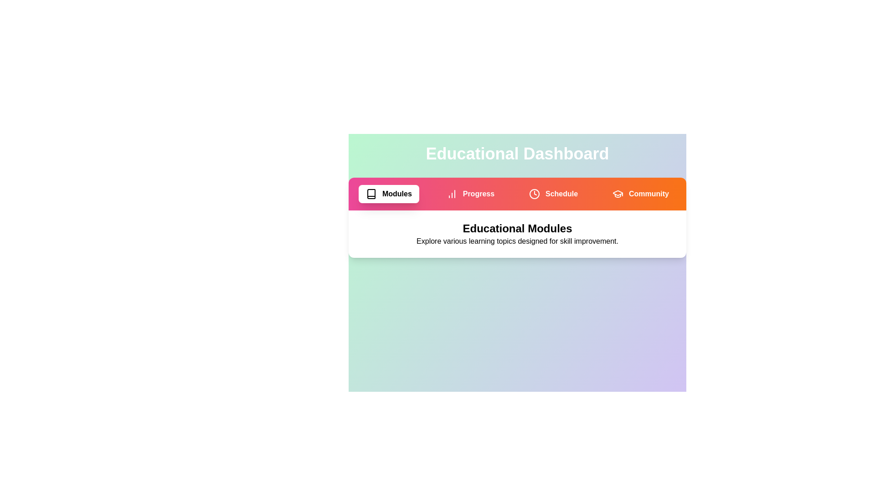  I want to click on the Informational panel that introduces the 'Educational Modules' section, located centrally below the navigation bar, so click(517, 218).